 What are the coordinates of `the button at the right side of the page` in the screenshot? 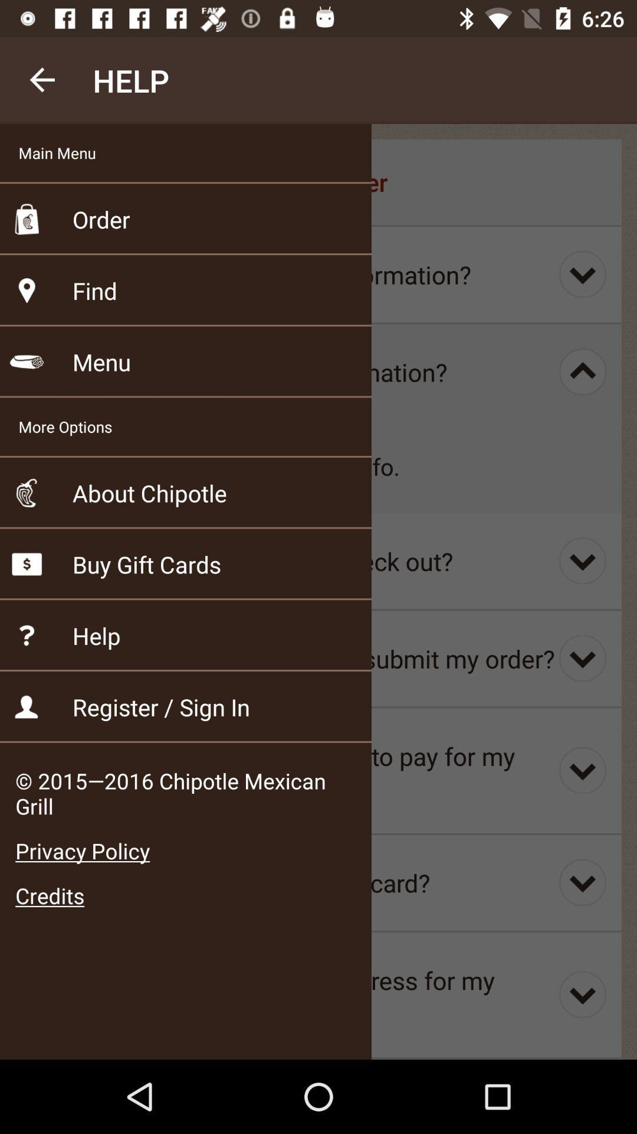 It's located at (582, 273).